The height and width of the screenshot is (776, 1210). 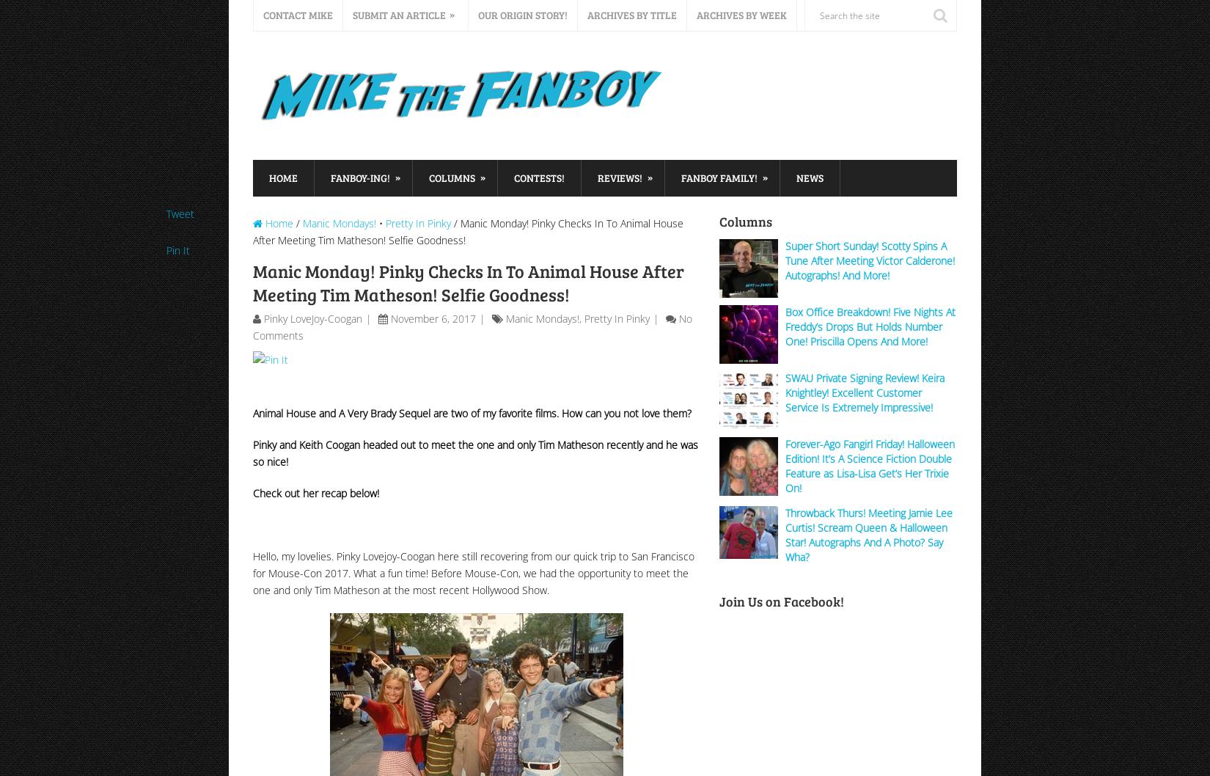 I want to click on 'Pin It', so click(x=178, y=249).